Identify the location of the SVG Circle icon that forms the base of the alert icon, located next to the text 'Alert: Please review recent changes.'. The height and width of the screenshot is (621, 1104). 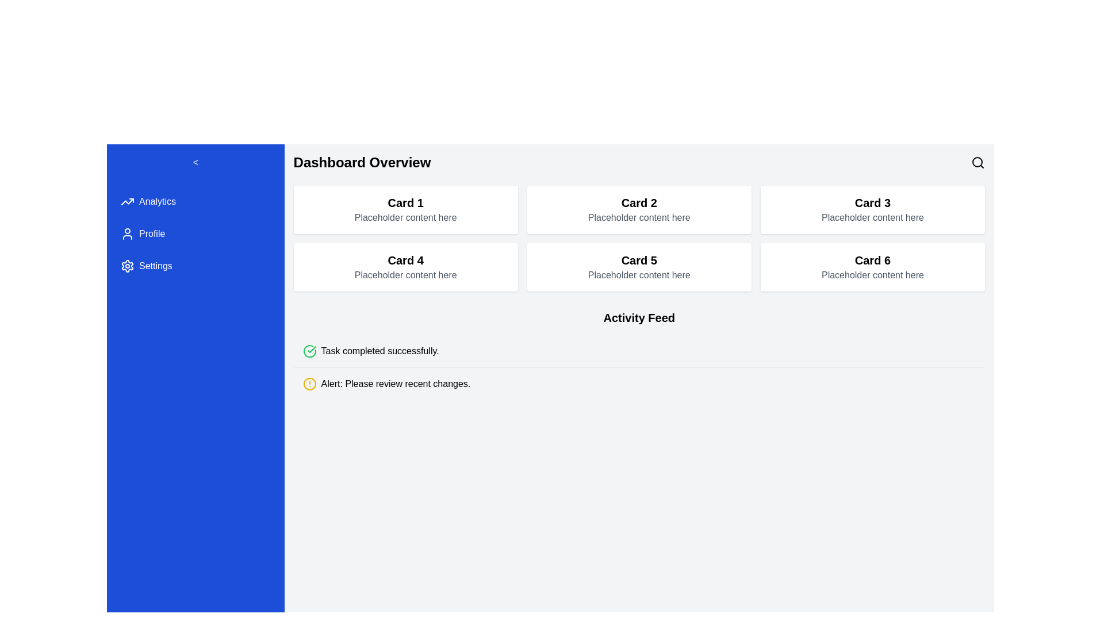
(309, 384).